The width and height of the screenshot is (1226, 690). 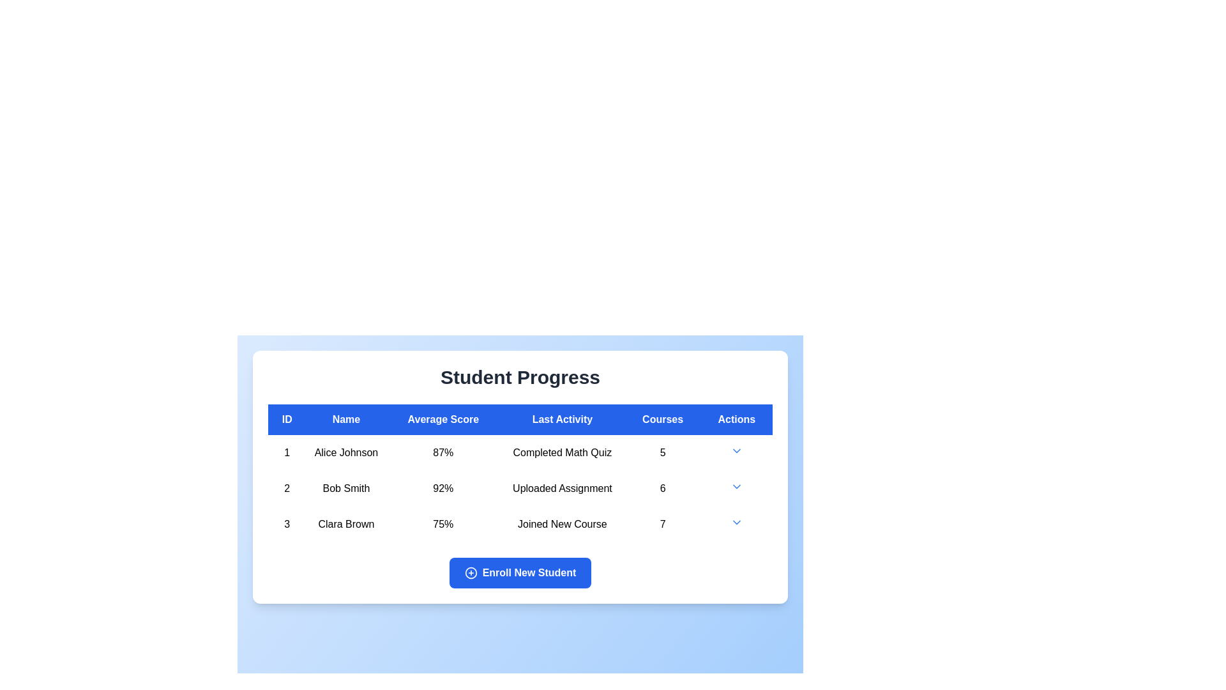 I want to click on the downward-pointing chevron icon styled as a blue arrow in the sixth cell of the second row under the 'Actions' column, so click(x=736, y=488).